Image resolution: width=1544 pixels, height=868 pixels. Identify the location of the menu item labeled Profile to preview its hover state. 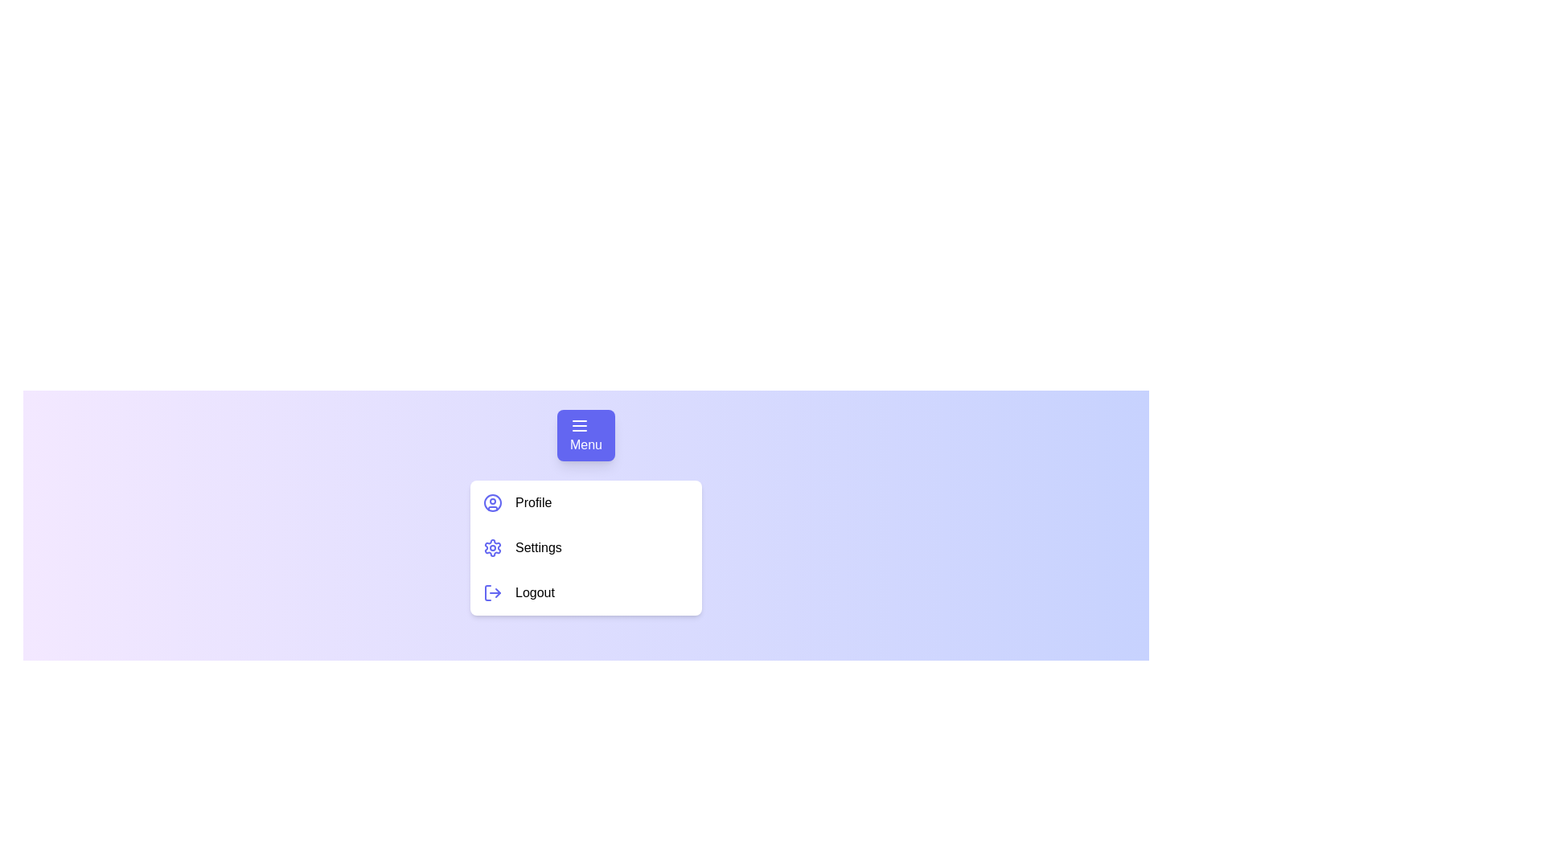
(585, 502).